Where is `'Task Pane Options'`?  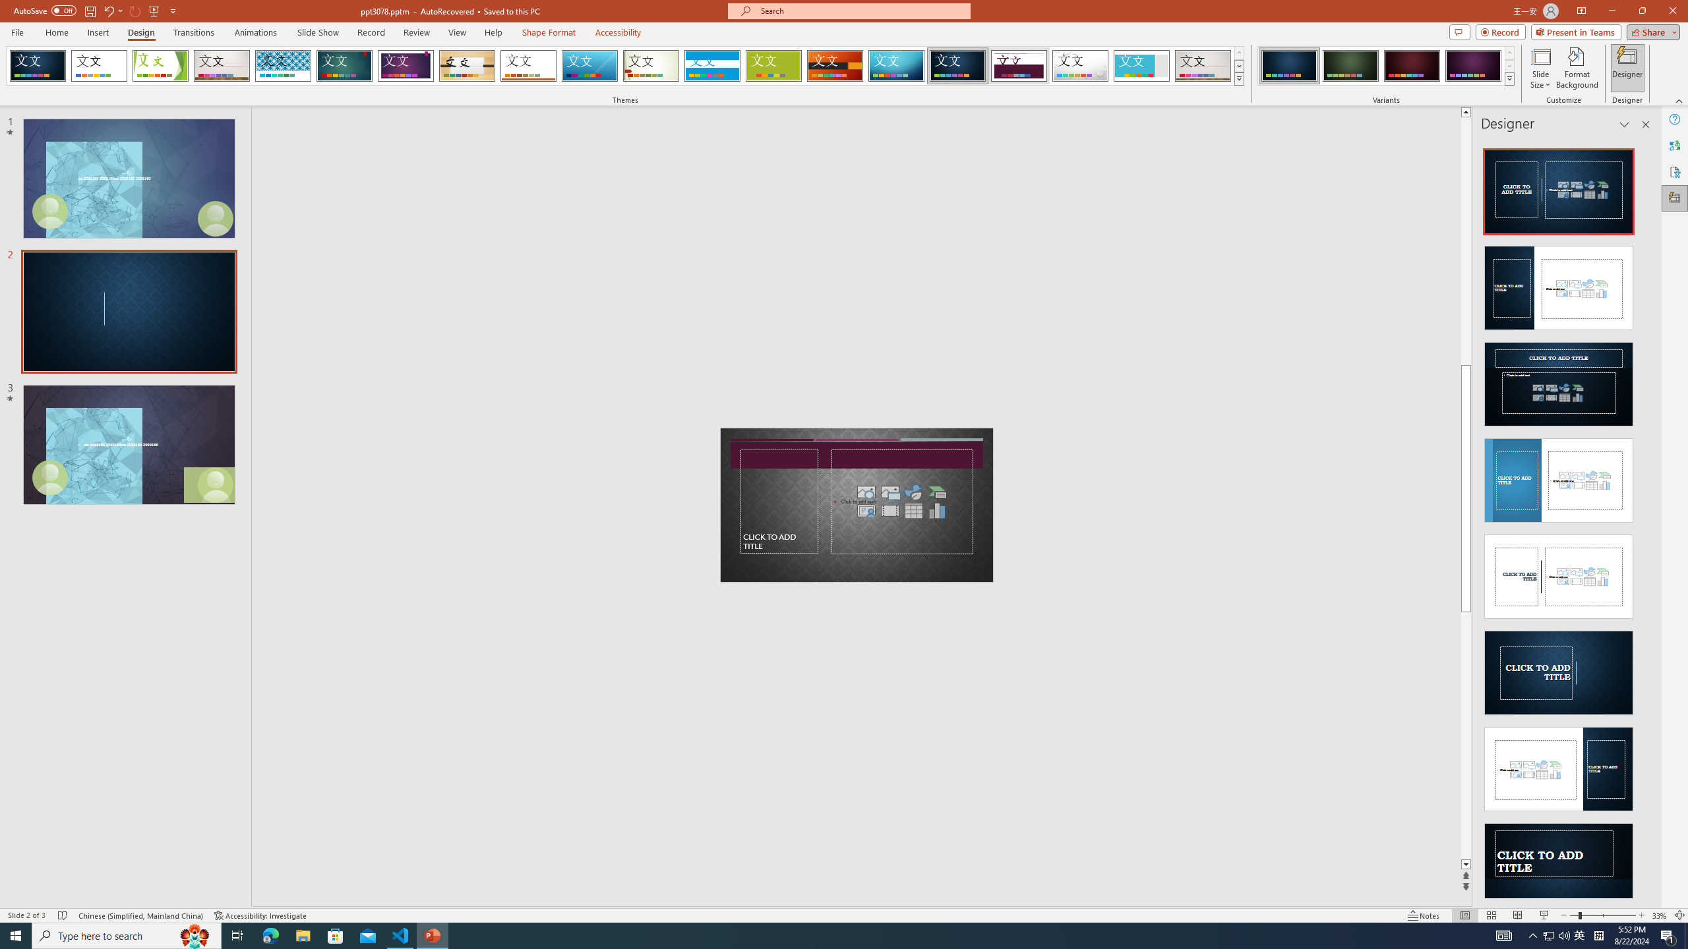 'Task Pane Options' is located at coordinates (1624, 124).